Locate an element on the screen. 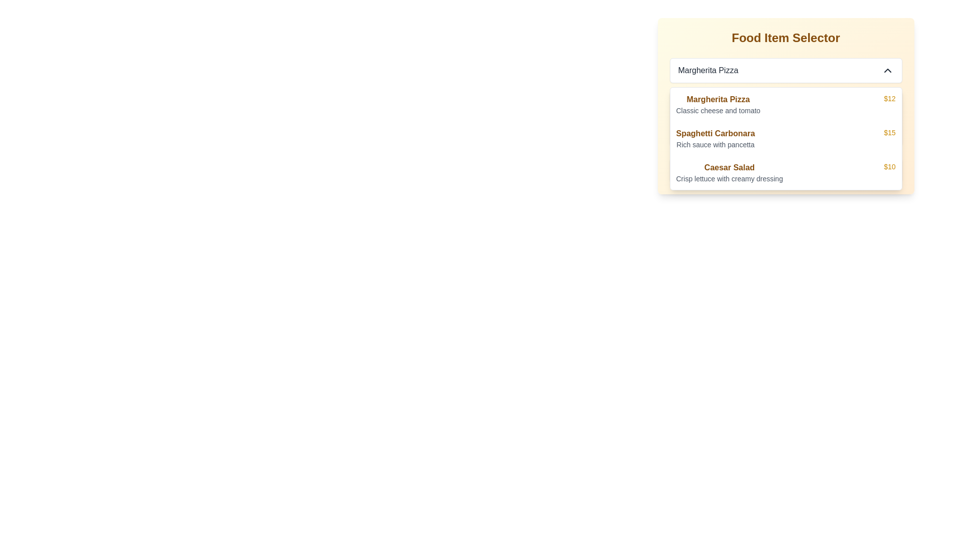 This screenshot has width=962, height=541. the first entry of the food item list component, which has a gradient background and contains dish names, descriptions, and prices is located at coordinates (785, 106).